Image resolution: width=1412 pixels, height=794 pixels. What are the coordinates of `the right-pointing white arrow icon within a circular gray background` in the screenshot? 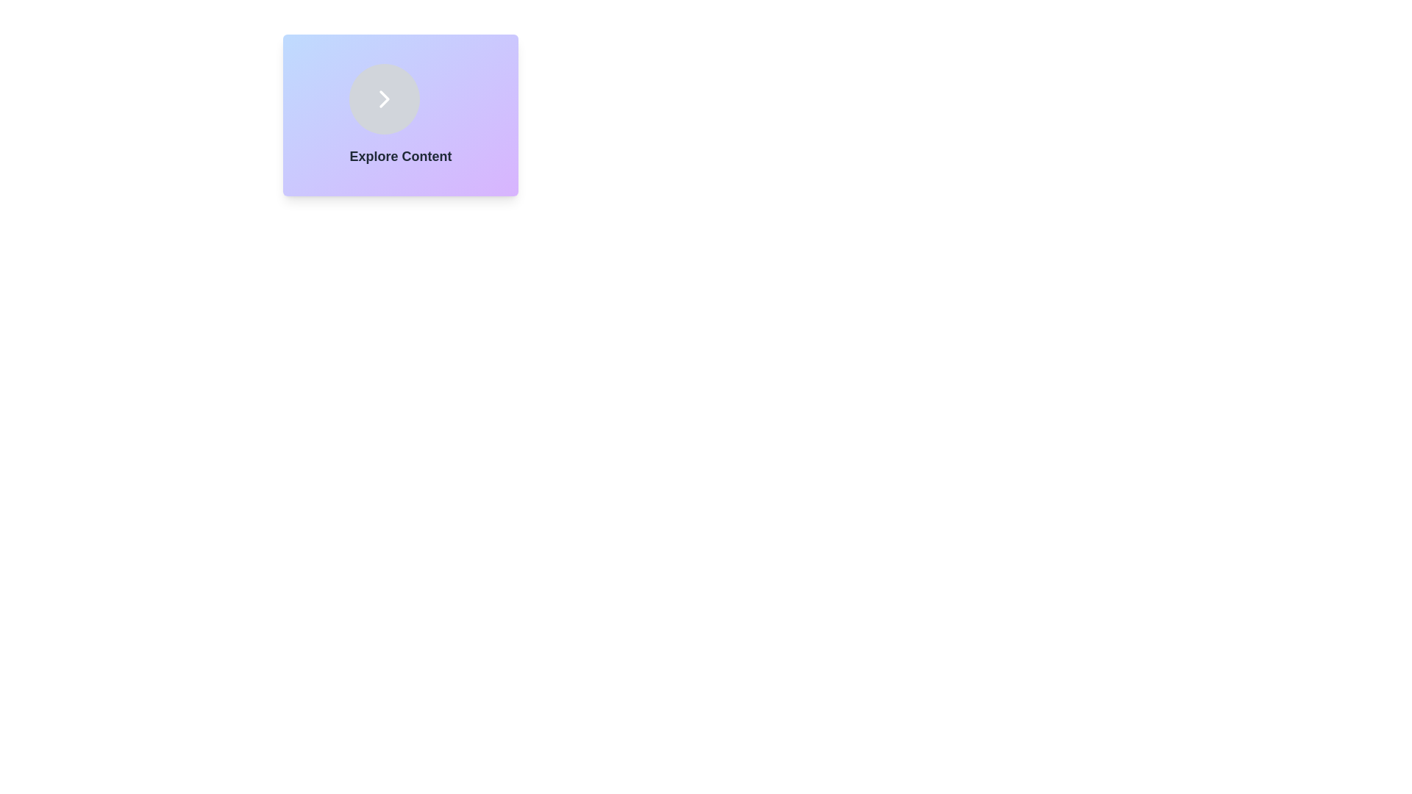 It's located at (385, 99).